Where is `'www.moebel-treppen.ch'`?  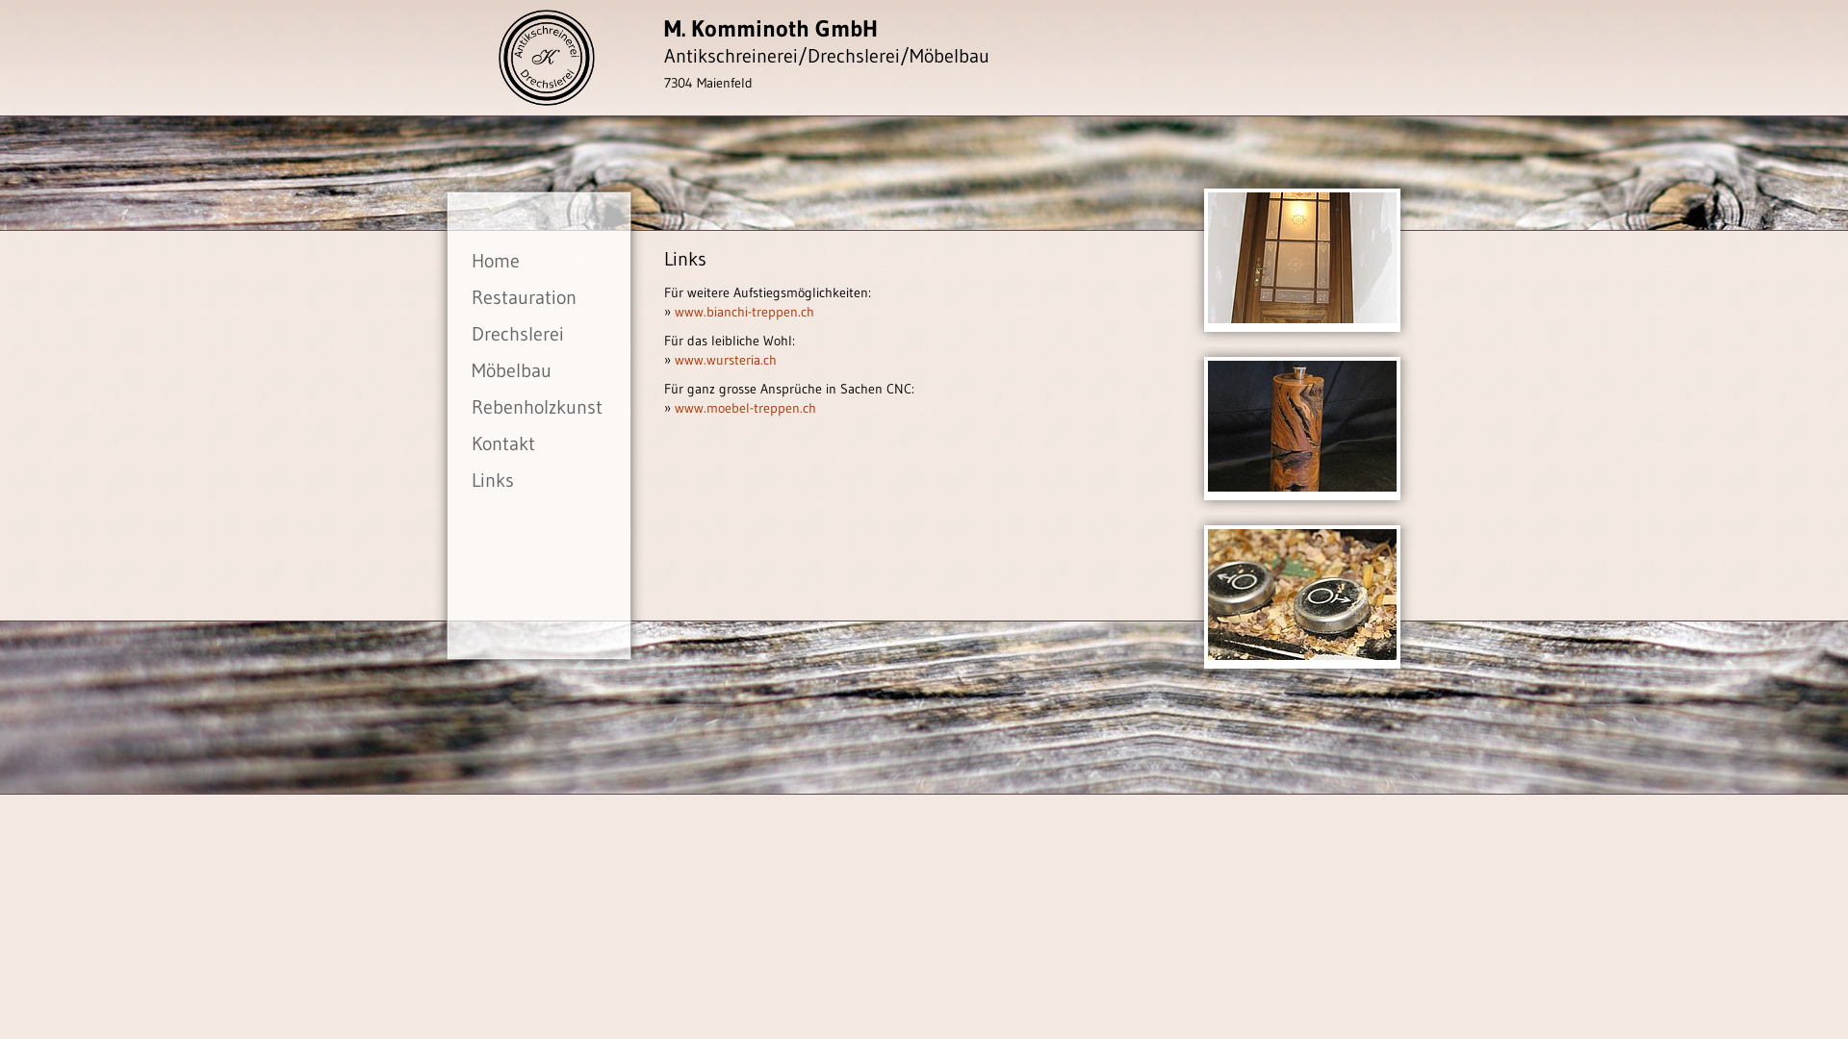 'www.moebel-treppen.ch' is located at coordinates (744, 407).